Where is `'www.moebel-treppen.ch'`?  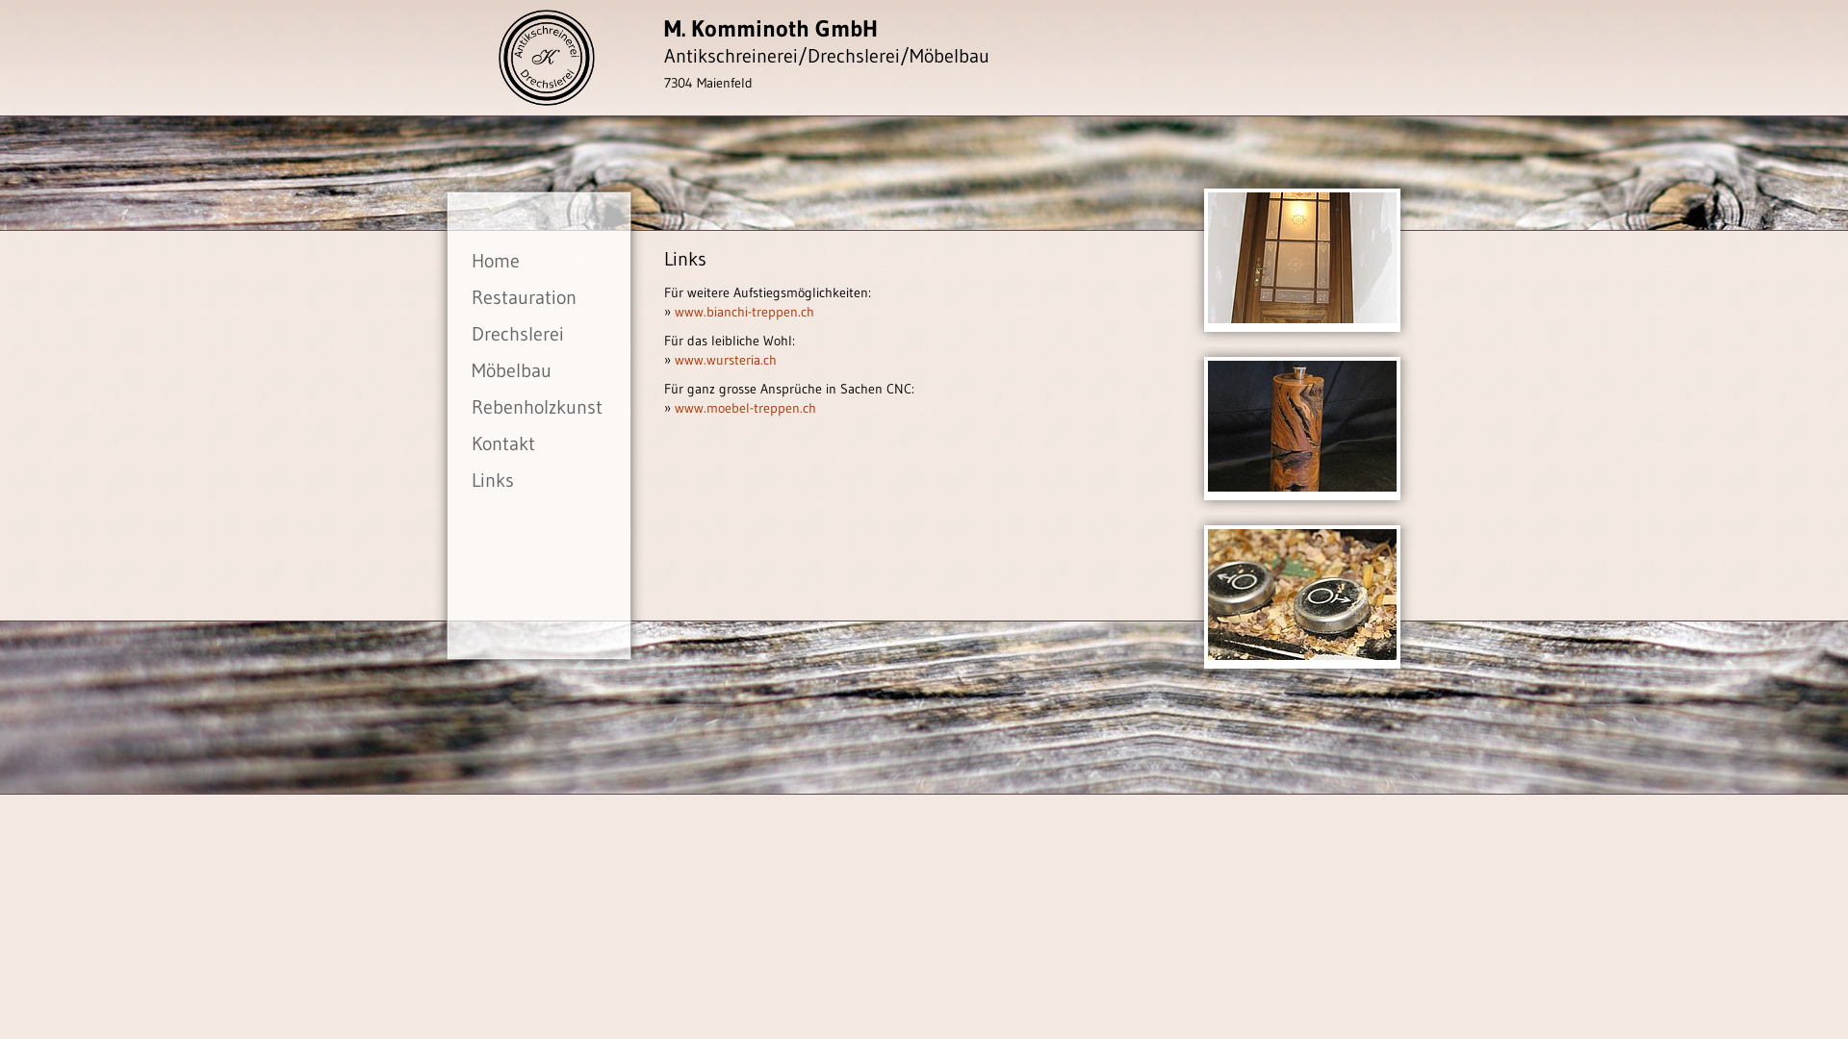 'www.moebel-treppen.ch' is located at coordinates (744, 407).